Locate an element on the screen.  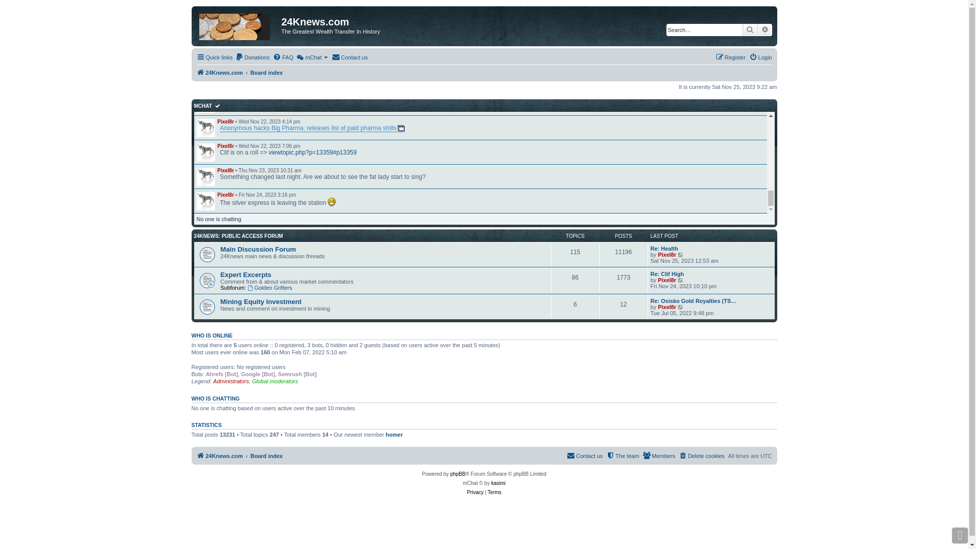
'Main Discussion Forum' is located at coordinates (258, 249).